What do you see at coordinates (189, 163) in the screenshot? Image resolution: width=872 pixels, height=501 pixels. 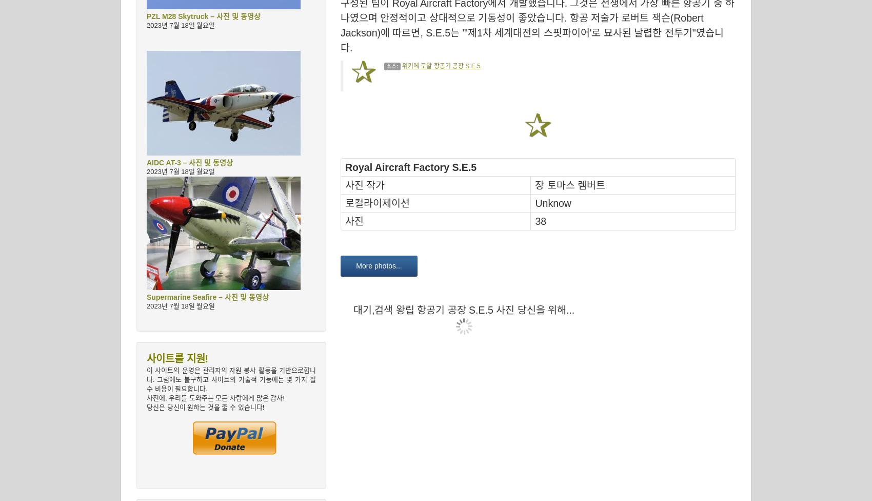 I see `'AIDC AT-3 – 사진 및 동영상'` at bounding box center [189, 163].